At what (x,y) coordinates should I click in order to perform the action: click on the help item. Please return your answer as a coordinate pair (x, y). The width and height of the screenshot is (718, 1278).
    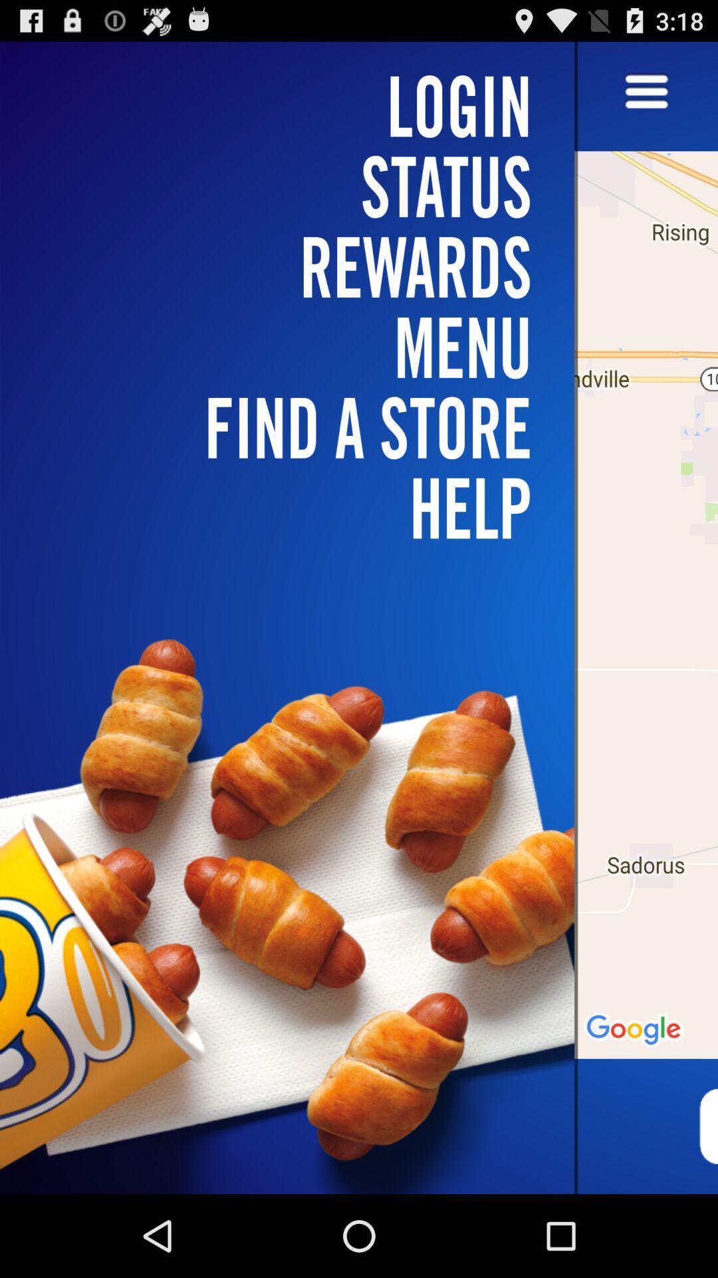
    Looking at the image, I should click on (295, 507).